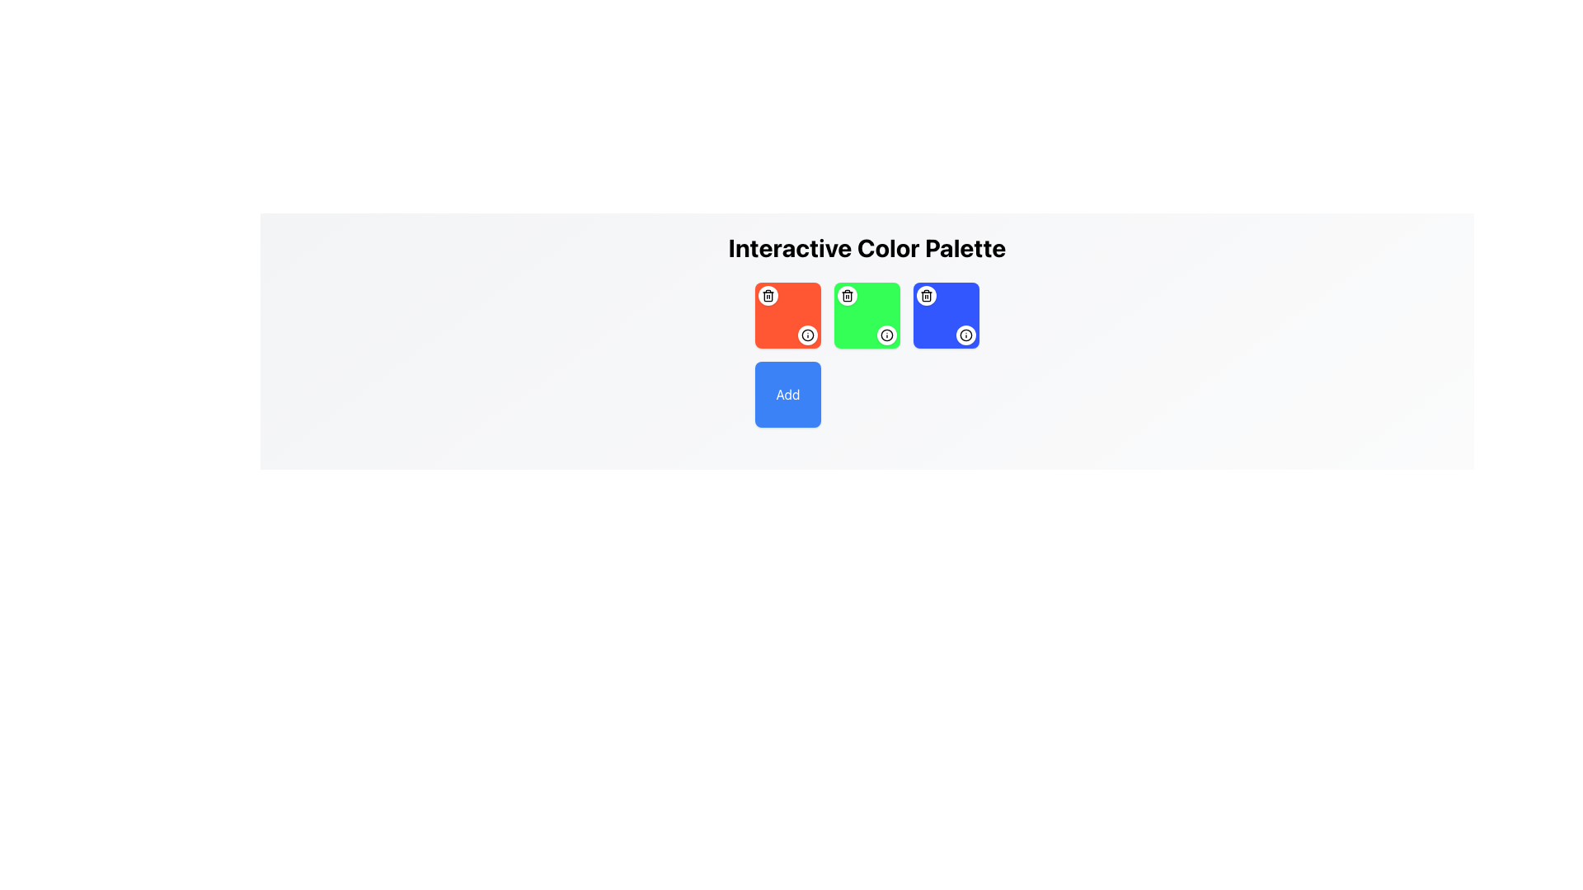 The image size is (1583, 890). What do you see at coordinates (965, 335) in the screenshot?
I see `the Circular Icon or Indicator located at the upper-right corner of the blue square in the bottom-right section of the grid` at bounding box center [965, 335].